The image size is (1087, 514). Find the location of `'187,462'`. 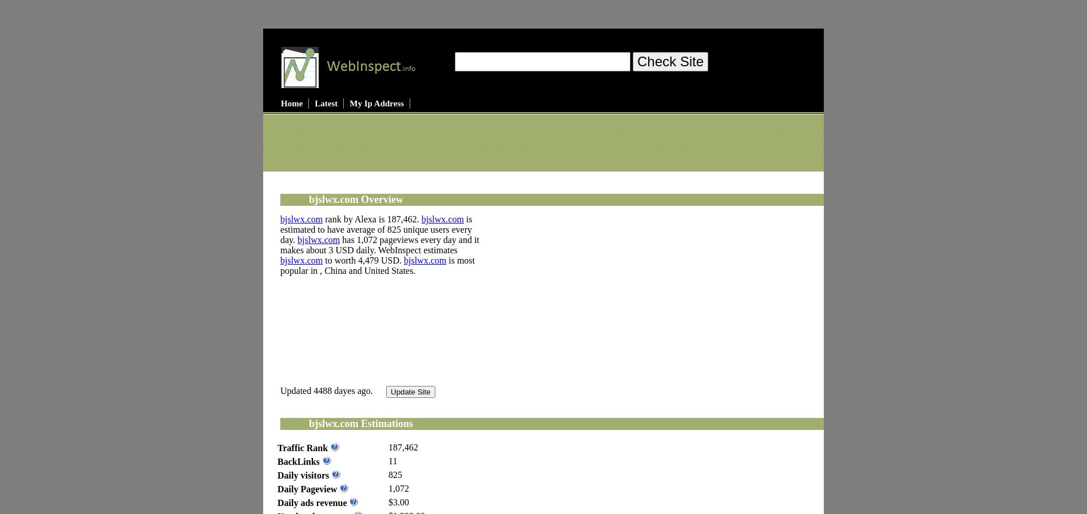

'187,462' is located at coordinates (388, 447).